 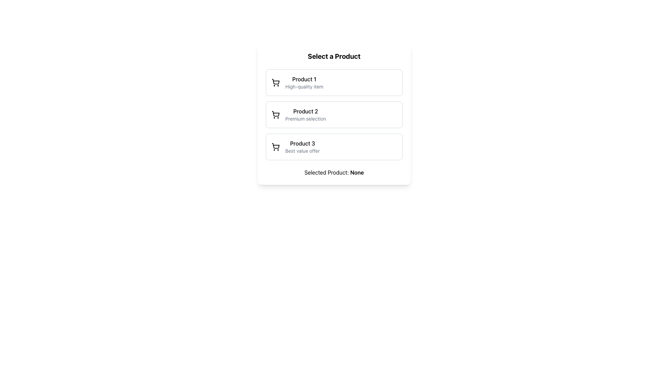 What do you see at coordinates (275, 146) in the screenshot?
I see `the shopping cart icon located in the third option of the product selection list, which is positioned to the left of the text 'Product 3' and 'Best value offer'` at bounding box center [275, 146].